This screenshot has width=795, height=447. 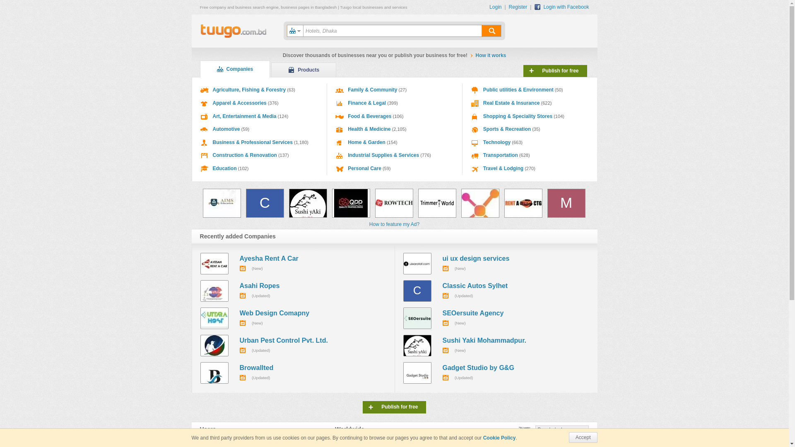 I want to click on ' Business & Professional Services (1,180)', so click(x=259, y=142).